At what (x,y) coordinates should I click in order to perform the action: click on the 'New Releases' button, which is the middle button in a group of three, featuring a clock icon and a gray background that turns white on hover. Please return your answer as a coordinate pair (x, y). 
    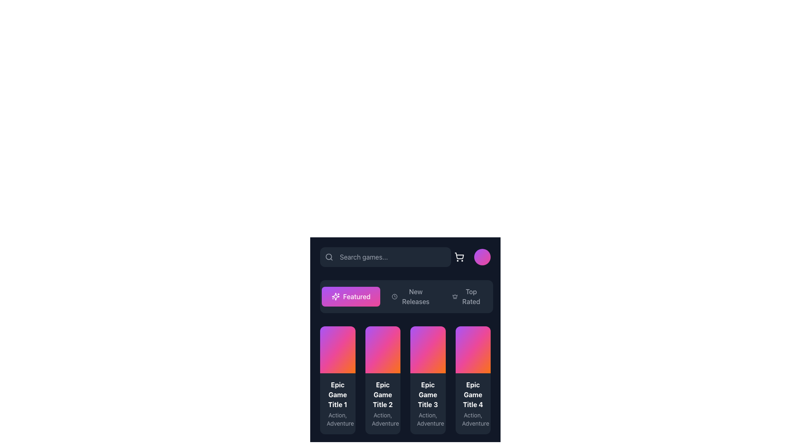
    Looking at the image, I should click on (411, 297).